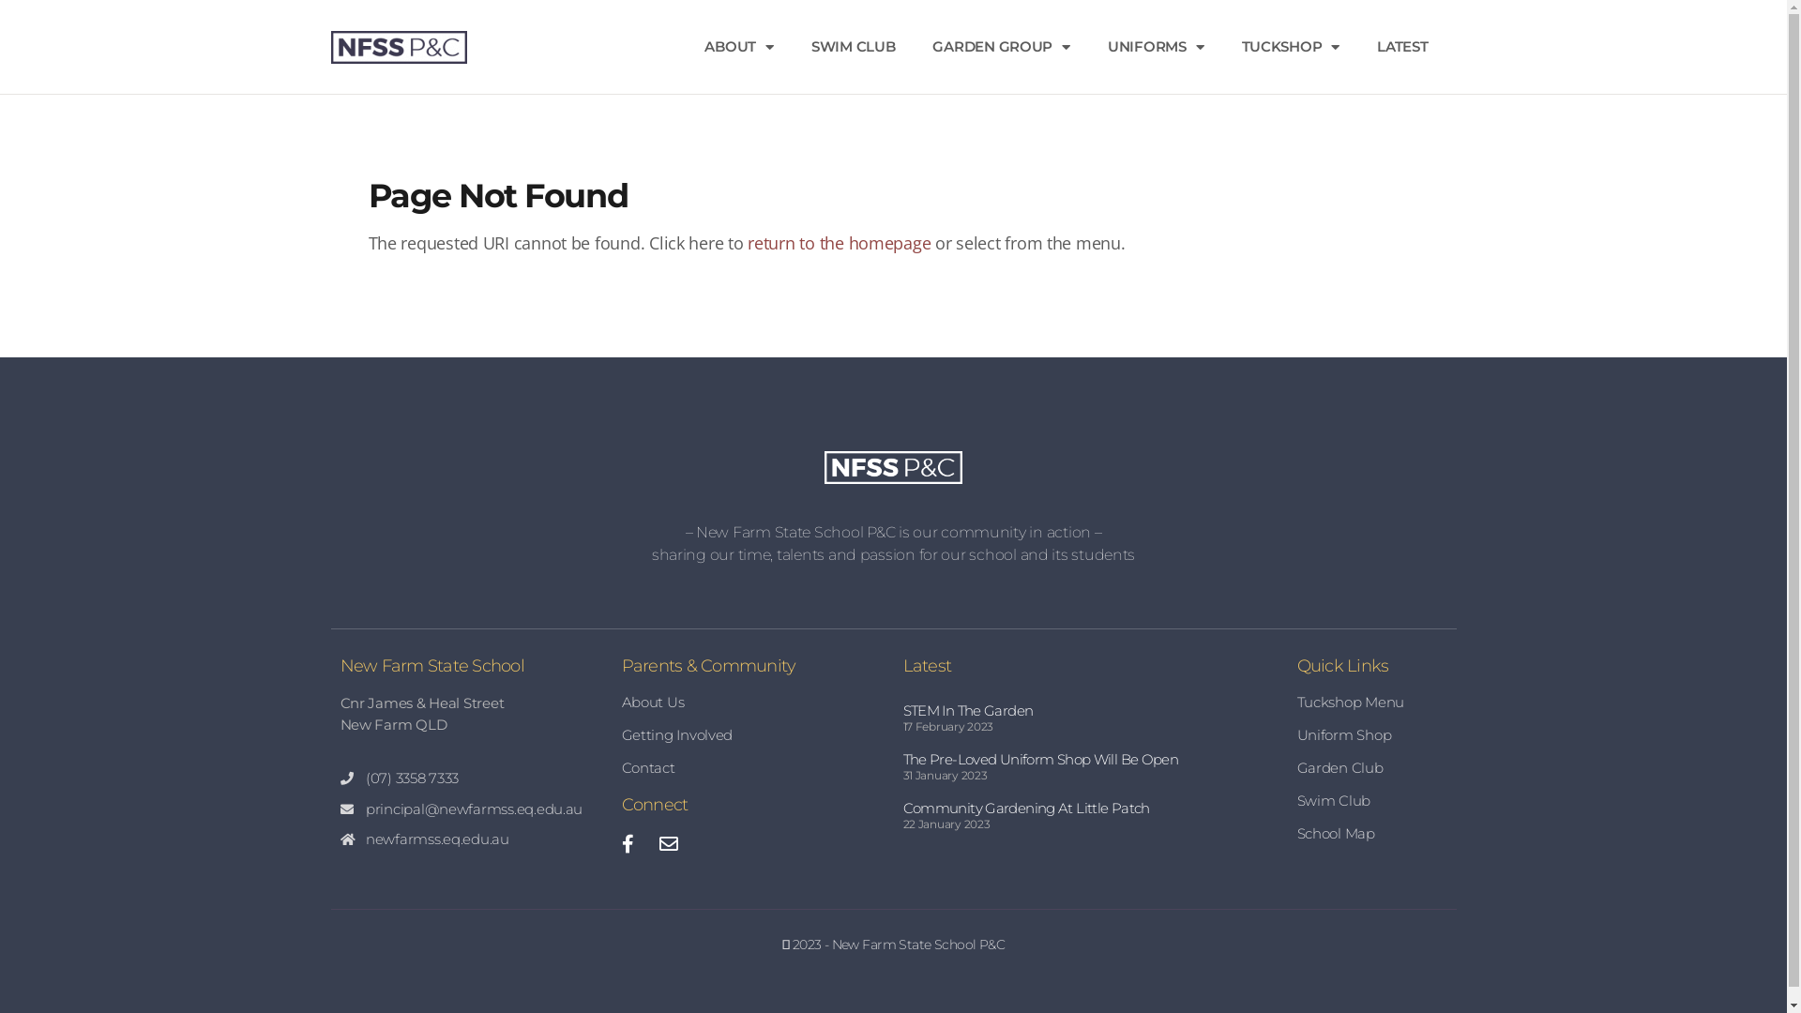 The width and height of the screenshot is (1801, 1013). What do you see at coordinates (1290, 46) in the screenshot?
I see `'TUCKSHOP'` at bounding box center [1290, 46].